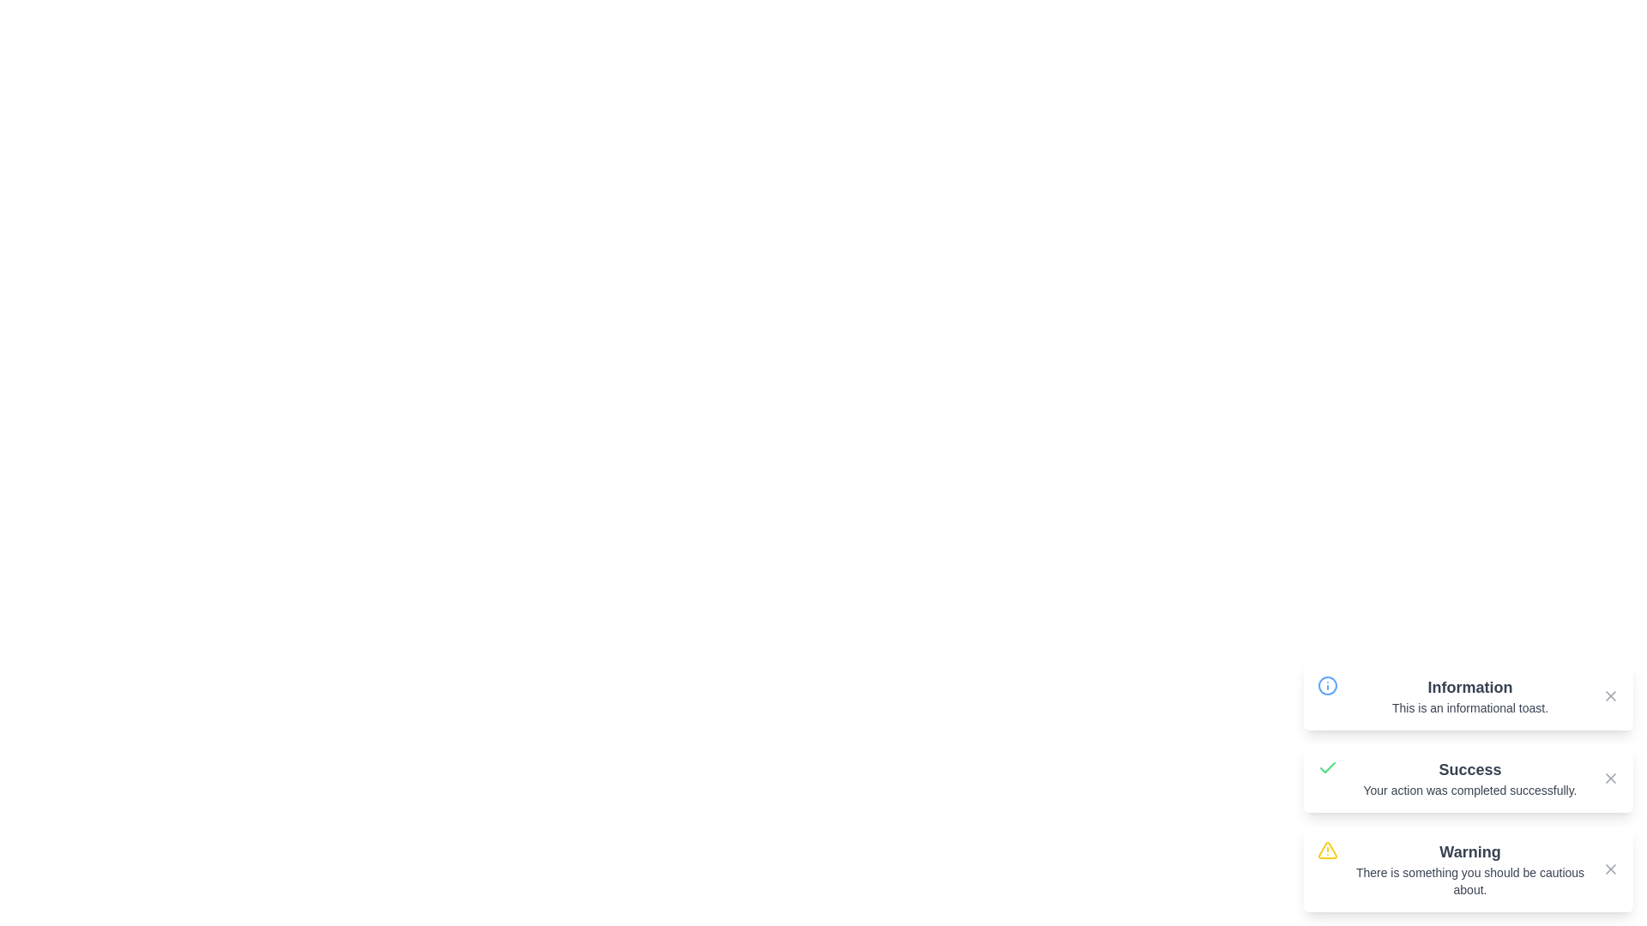  Describe the element at coordinates (1327, 778) in the screenshot. I see `the success icon located on the left side of the notification that indicates 'Success' and 'Your action was completed successfully.'` at that location.